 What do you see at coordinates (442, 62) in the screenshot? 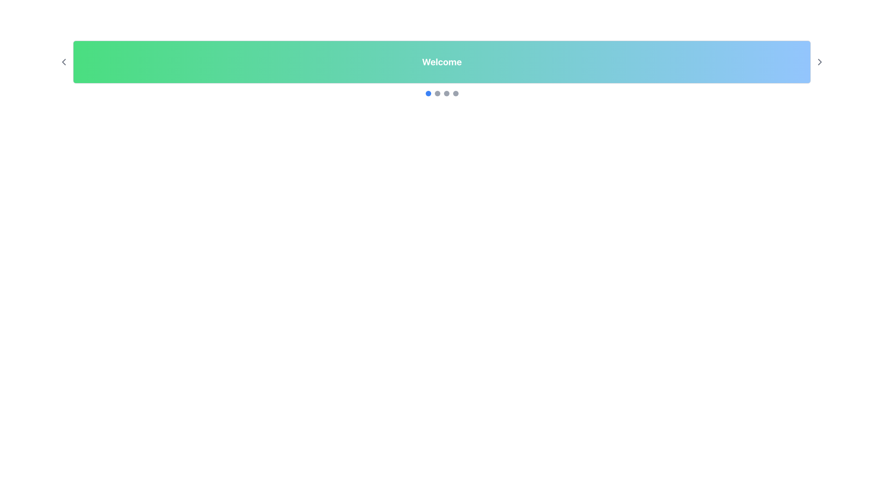
I see `text displayed on the 'Welcome' text label, which is in bold, large white font centered within a gradient background rectangular bar` at bounding box center [442, 62].